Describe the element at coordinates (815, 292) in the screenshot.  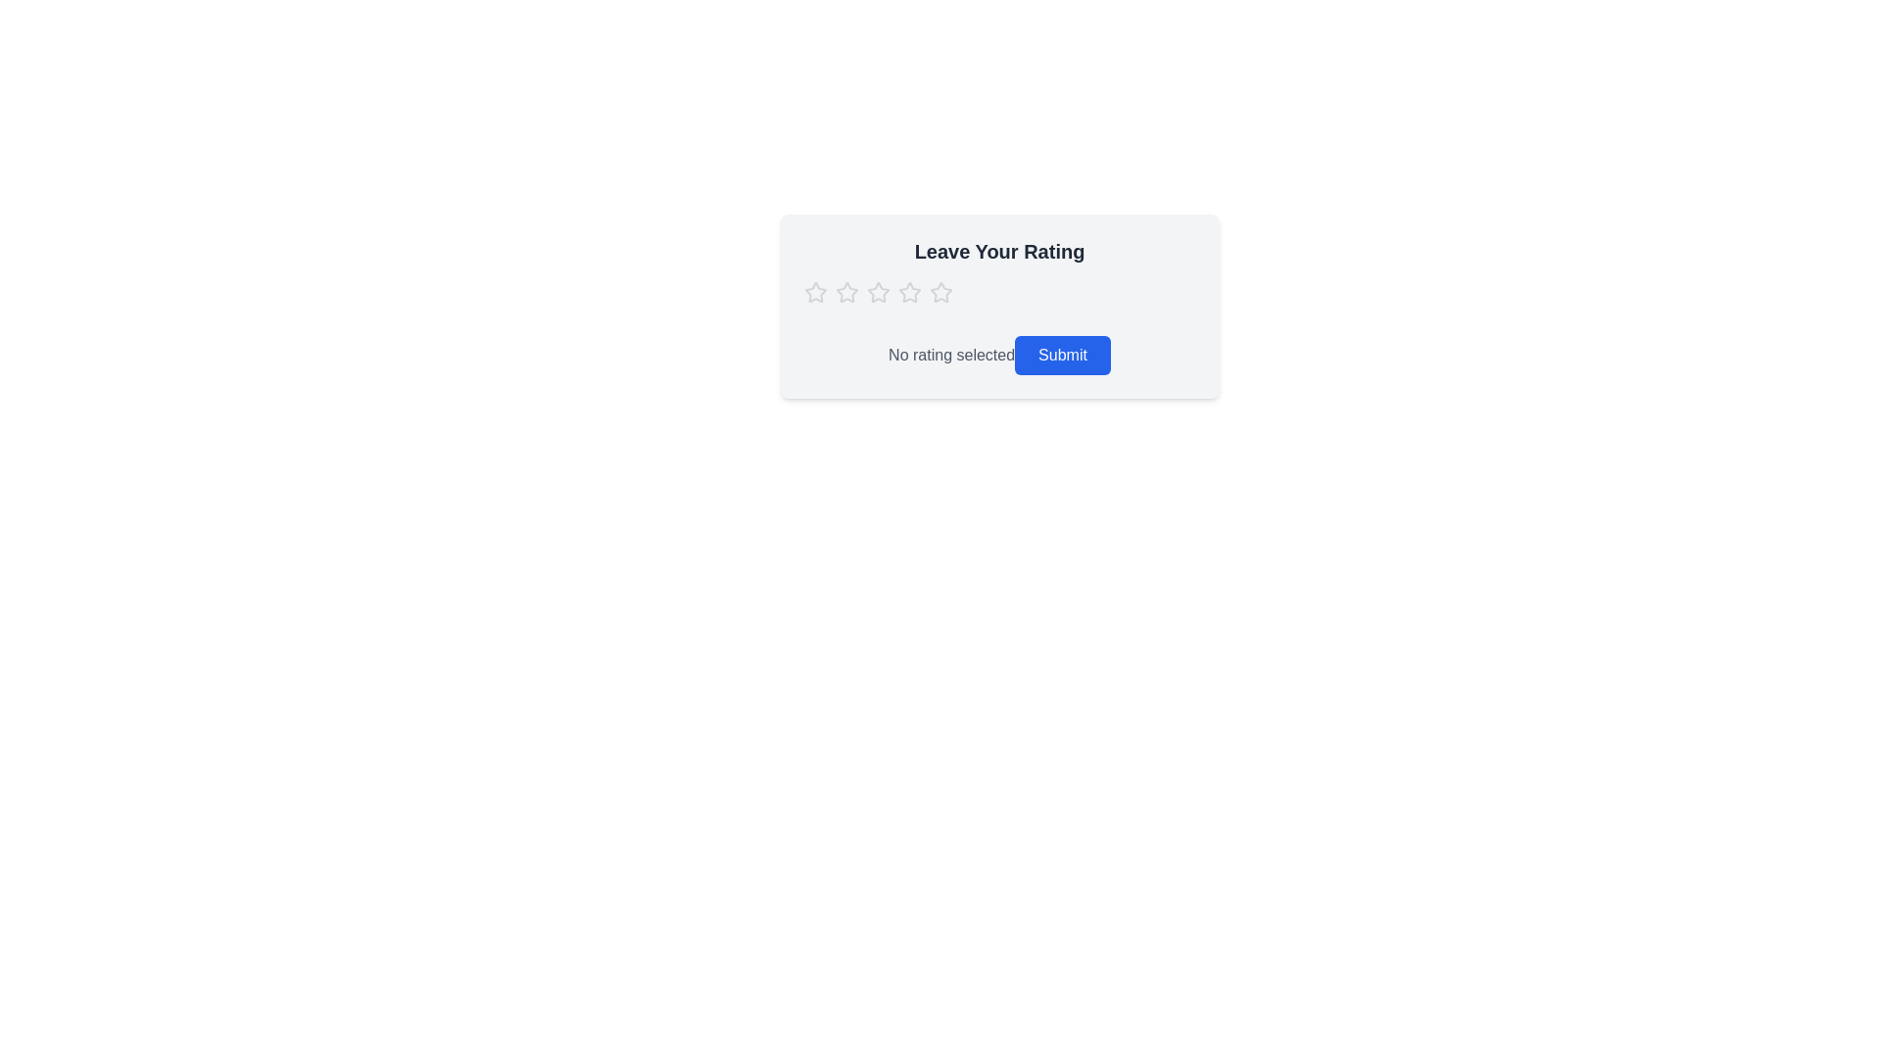
I see `the first interactive rating star in the 5-star rating system` at that location.